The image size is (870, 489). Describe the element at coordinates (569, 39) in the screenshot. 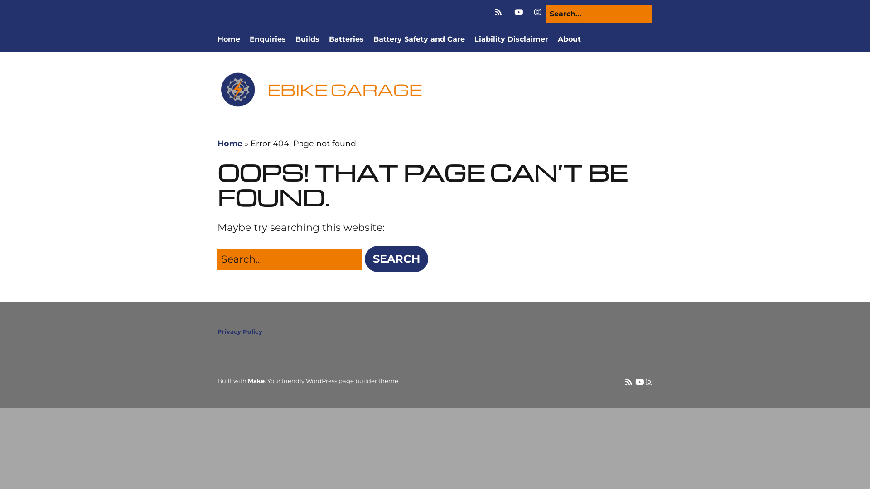

I see `'About'` at that location.